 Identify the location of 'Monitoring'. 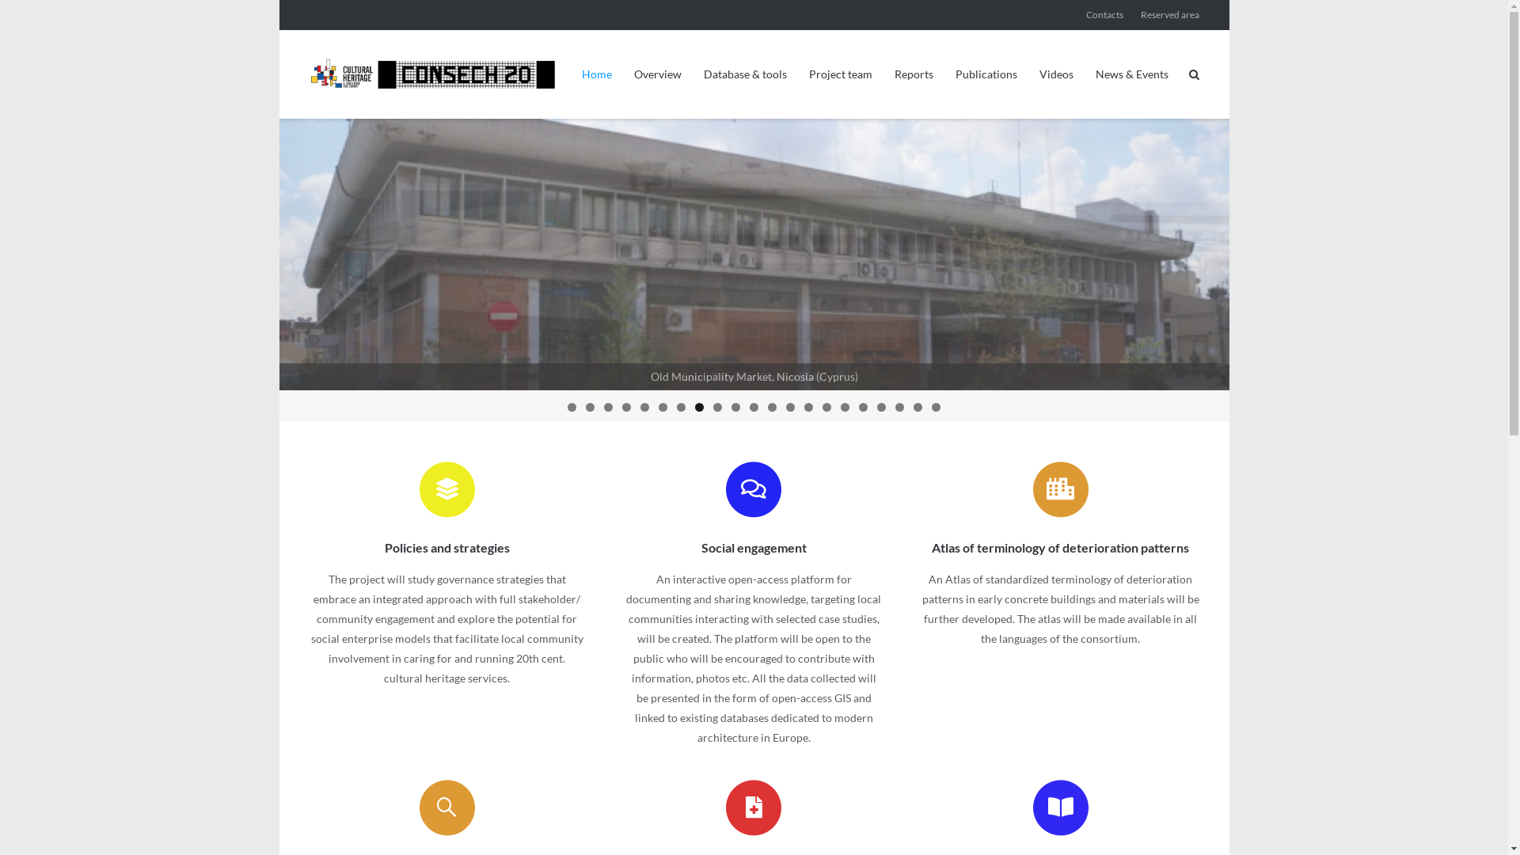
(446, 807).